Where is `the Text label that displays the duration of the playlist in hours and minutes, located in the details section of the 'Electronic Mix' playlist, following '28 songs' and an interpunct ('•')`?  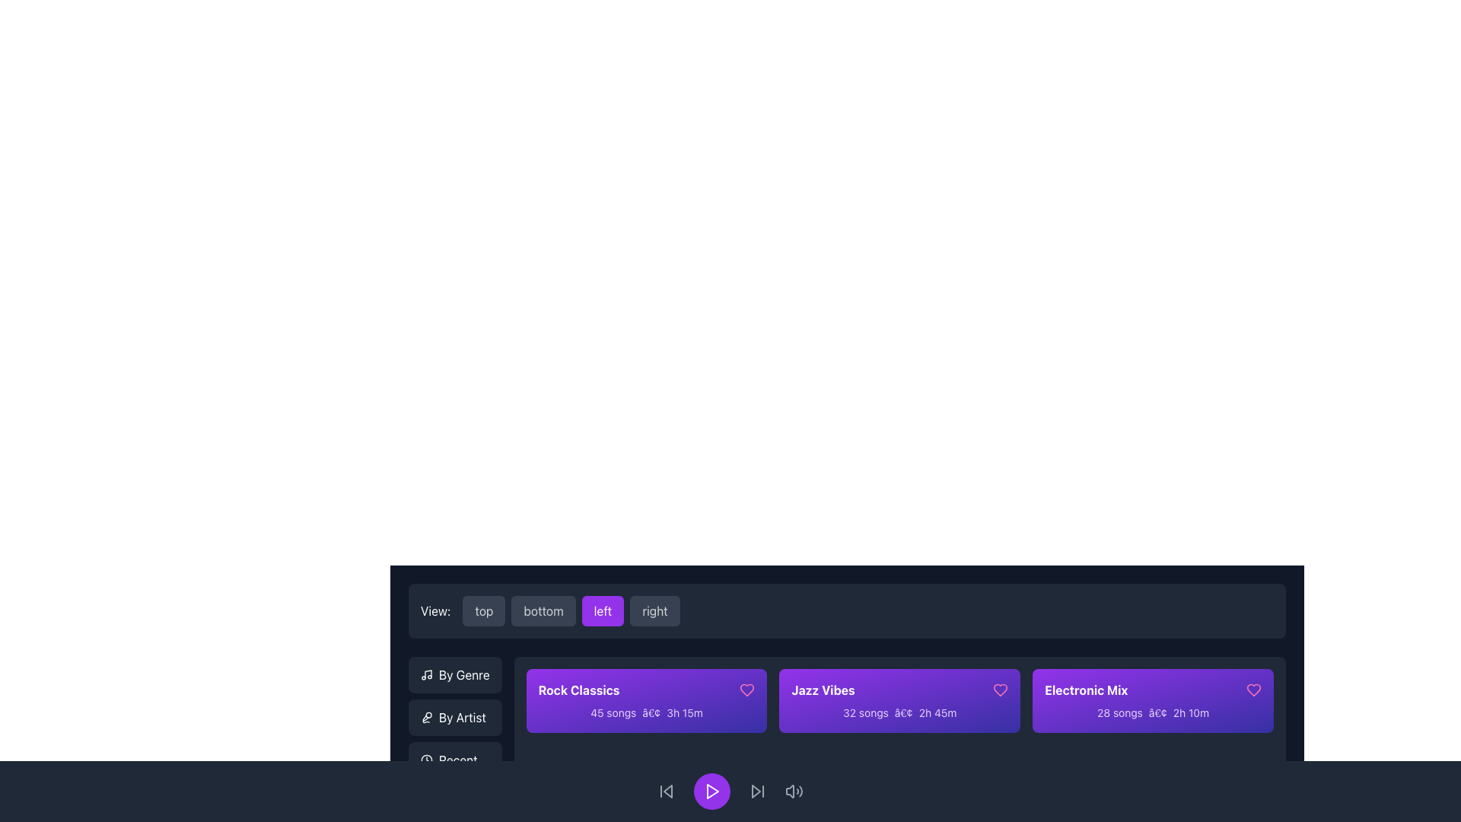 the Text label that displays the duration of the playlist in hours and minutes, located in the details section of the 'Electronic Mix' playlist, following '28 songs' and an interpunct ('•') is located at coordinates (1190, 712).